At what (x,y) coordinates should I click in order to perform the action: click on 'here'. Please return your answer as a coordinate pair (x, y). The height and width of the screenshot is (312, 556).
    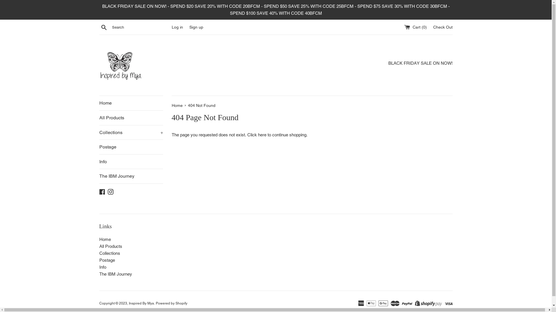
    Looking at the image, I should click on (261, 135).